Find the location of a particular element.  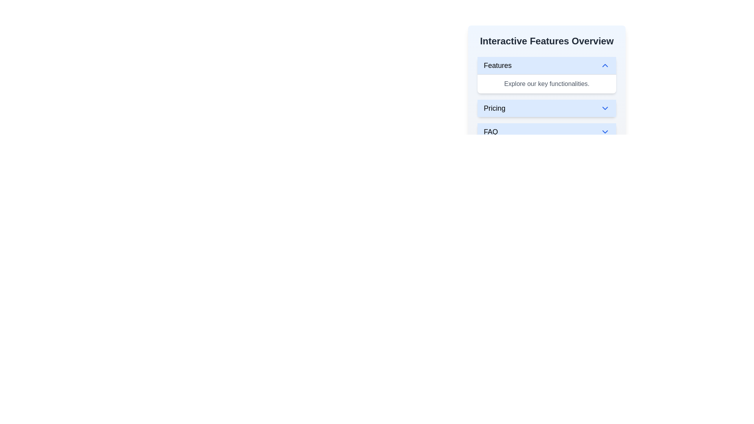

the descriptive text block in the 'Features' section, which is located directly below the header of the collapsible panel is located at coordinates (546, 84).